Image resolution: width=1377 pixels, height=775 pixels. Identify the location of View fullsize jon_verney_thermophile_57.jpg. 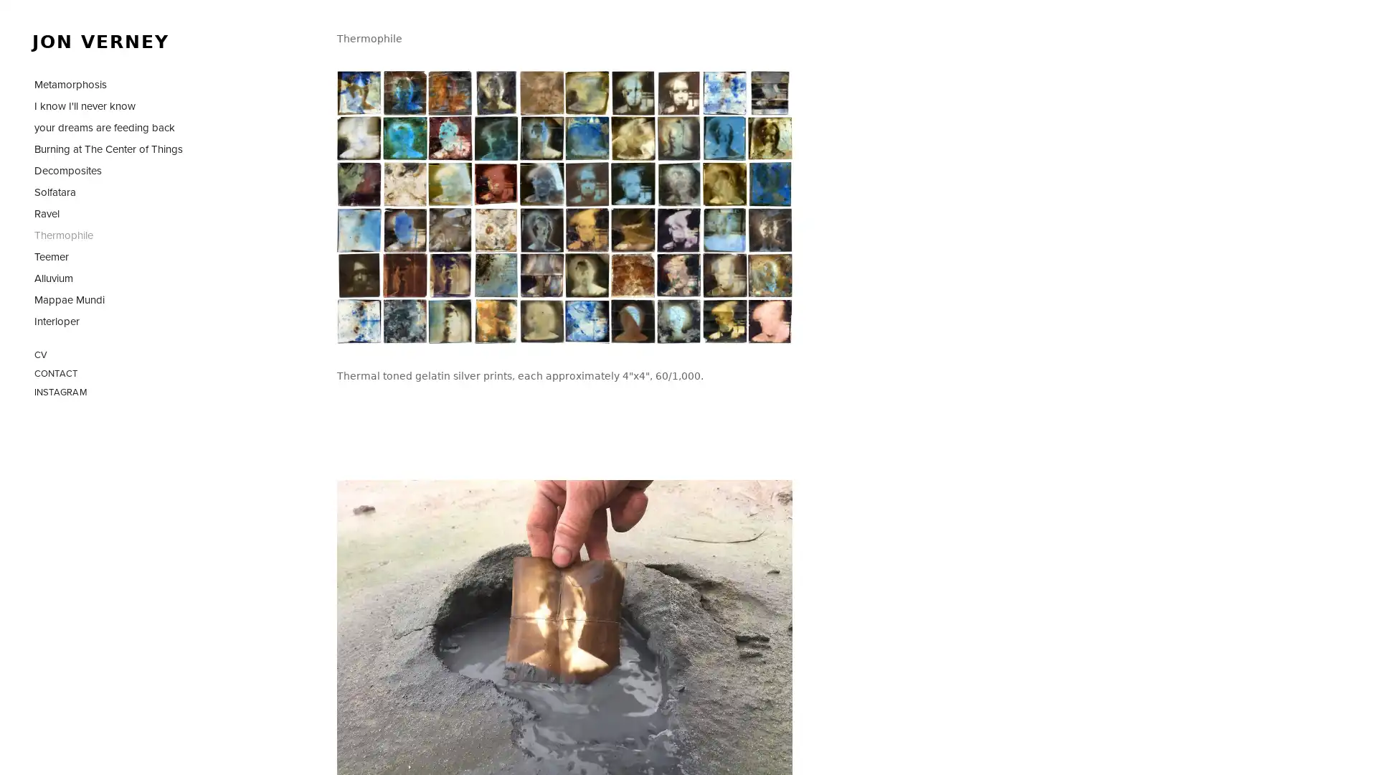
(496, 320).